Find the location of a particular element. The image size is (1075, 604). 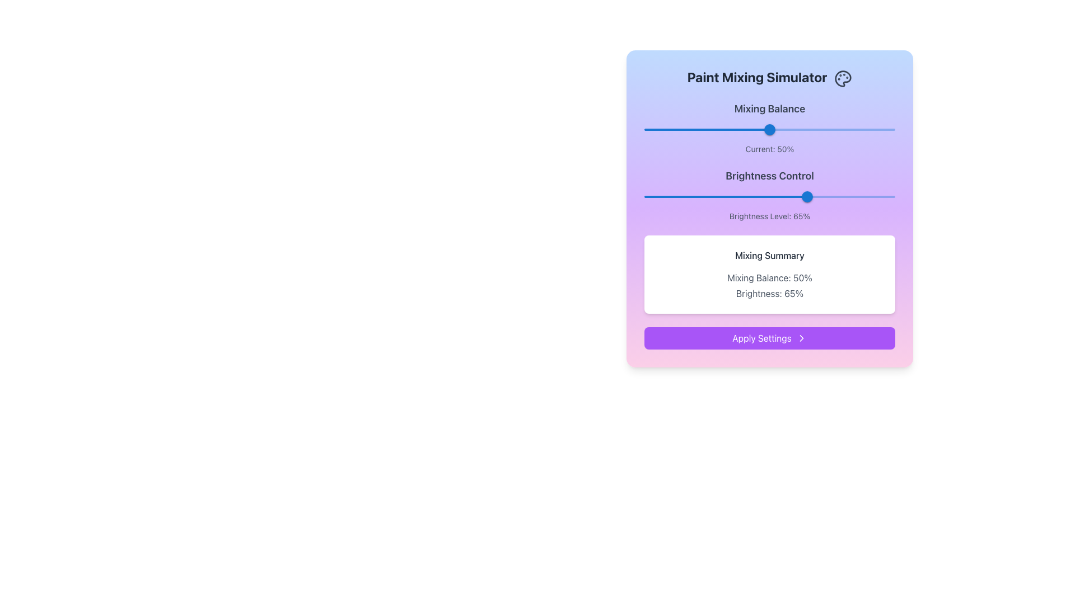

brightness level is located at coordinates (784, 196).